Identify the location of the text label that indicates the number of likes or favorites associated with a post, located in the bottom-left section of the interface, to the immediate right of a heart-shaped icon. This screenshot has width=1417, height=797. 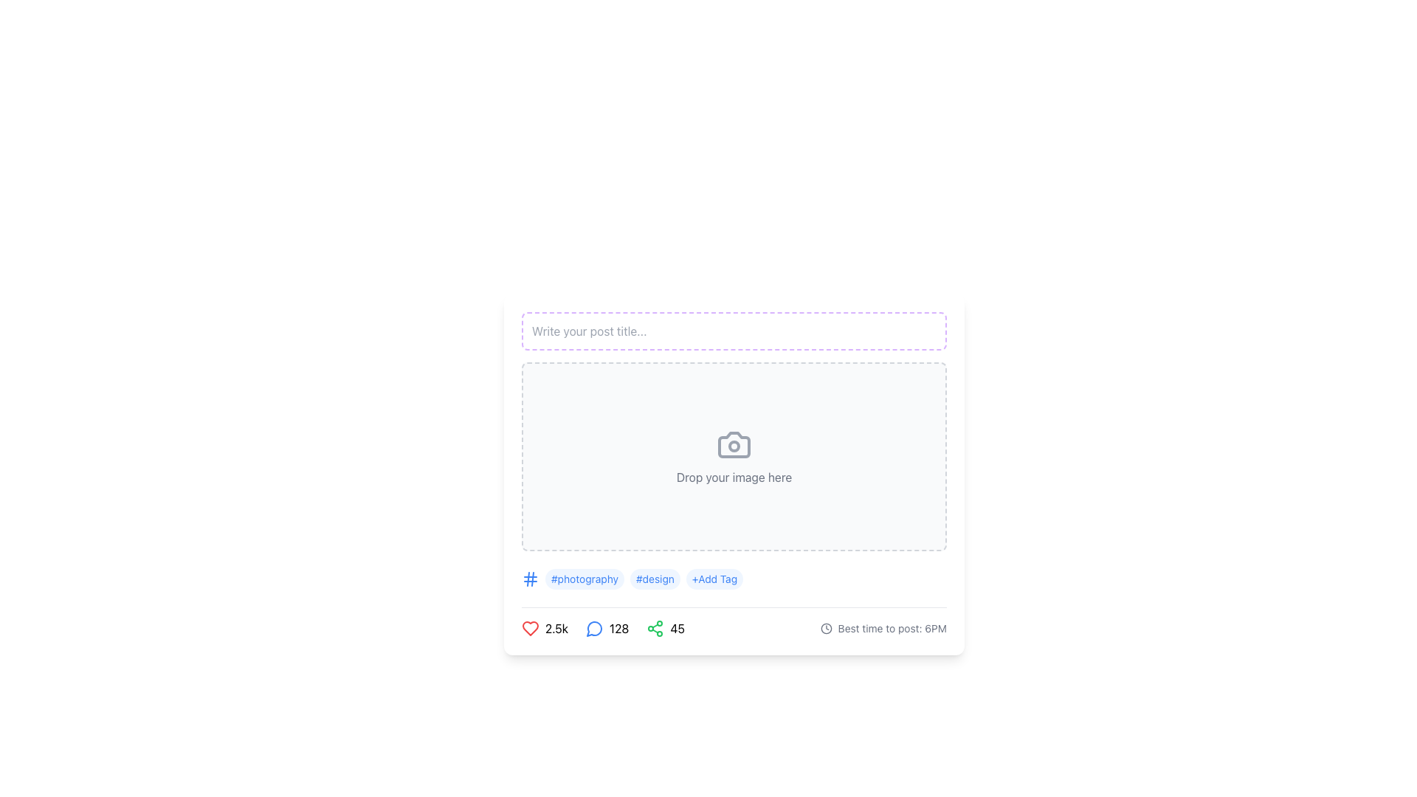
(556, 629).